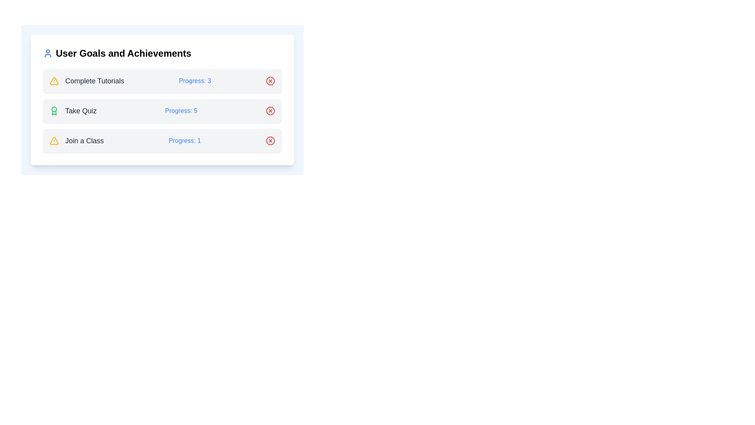 Image resolution: width=755 pixels, height=425 pixels. I want to click on the green award icon, which is a circular badge with a ribbon-like extension, located to the left of the text 'Take Quiz', so click(54, 111).